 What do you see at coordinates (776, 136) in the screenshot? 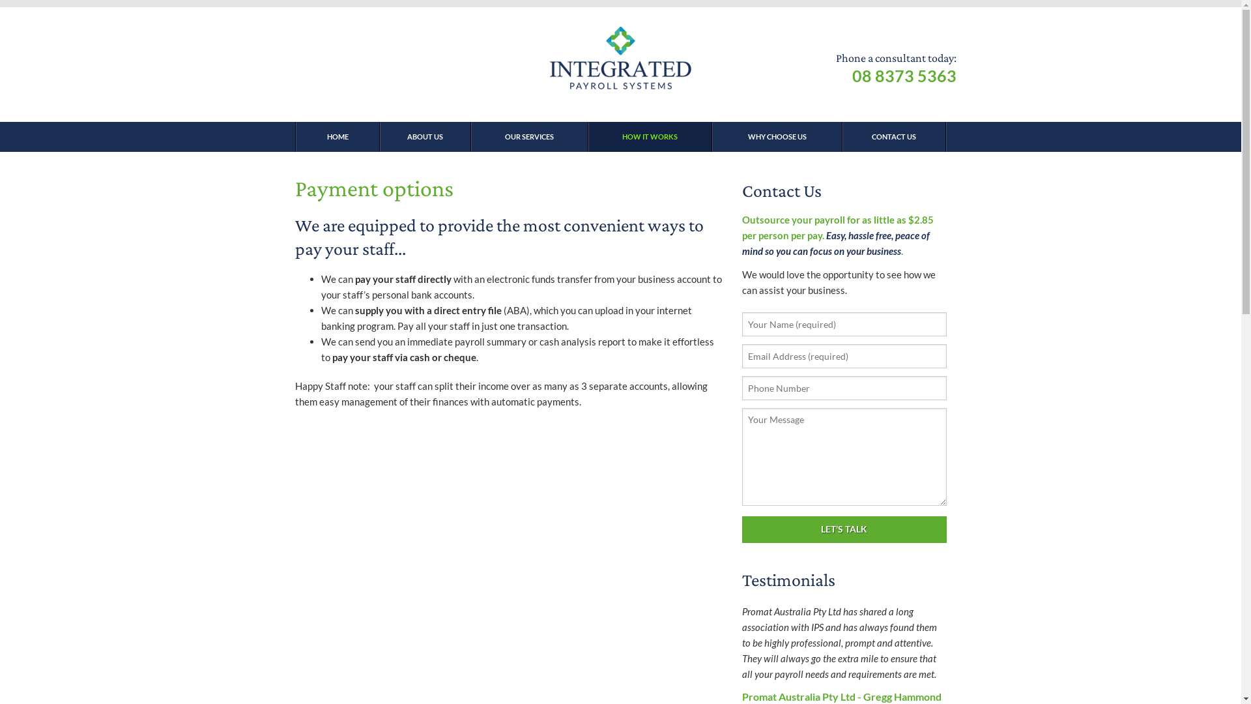
I see `'WHY CHOOSE US'` at bounding box center [776, 136].